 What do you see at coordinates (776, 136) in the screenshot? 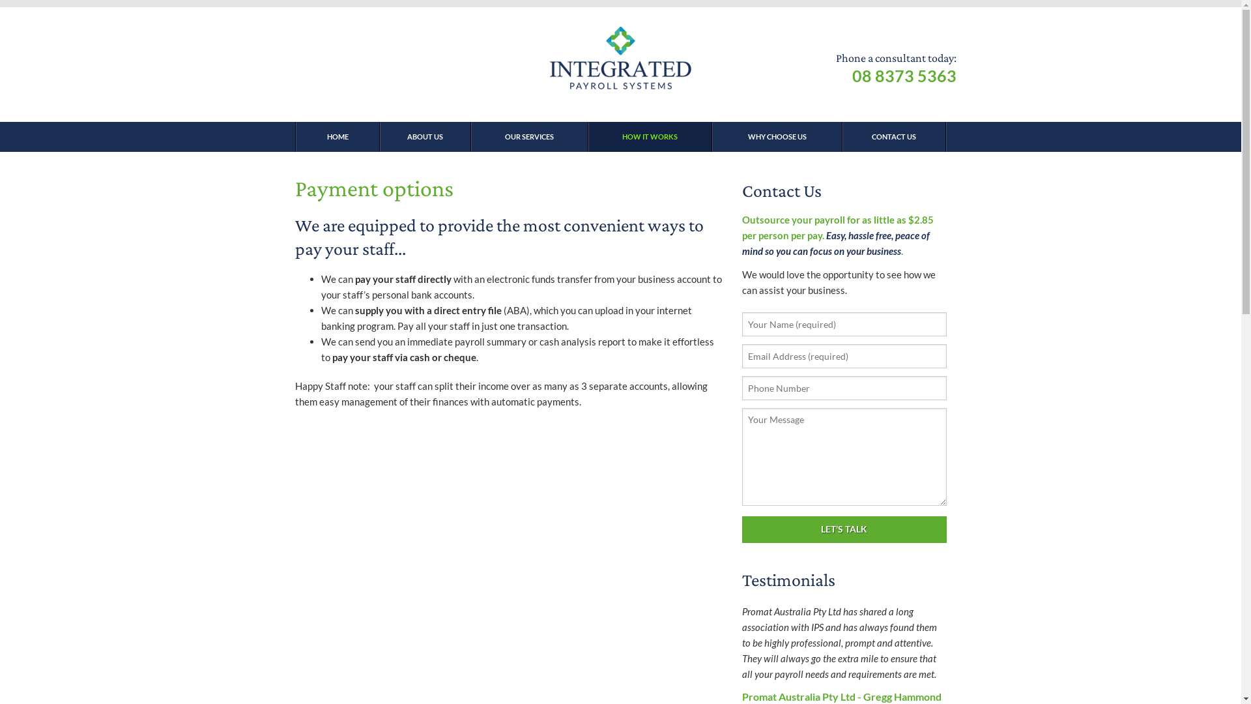
I see `'WHY CHOOSE US'` at bounding box center [776, 136].